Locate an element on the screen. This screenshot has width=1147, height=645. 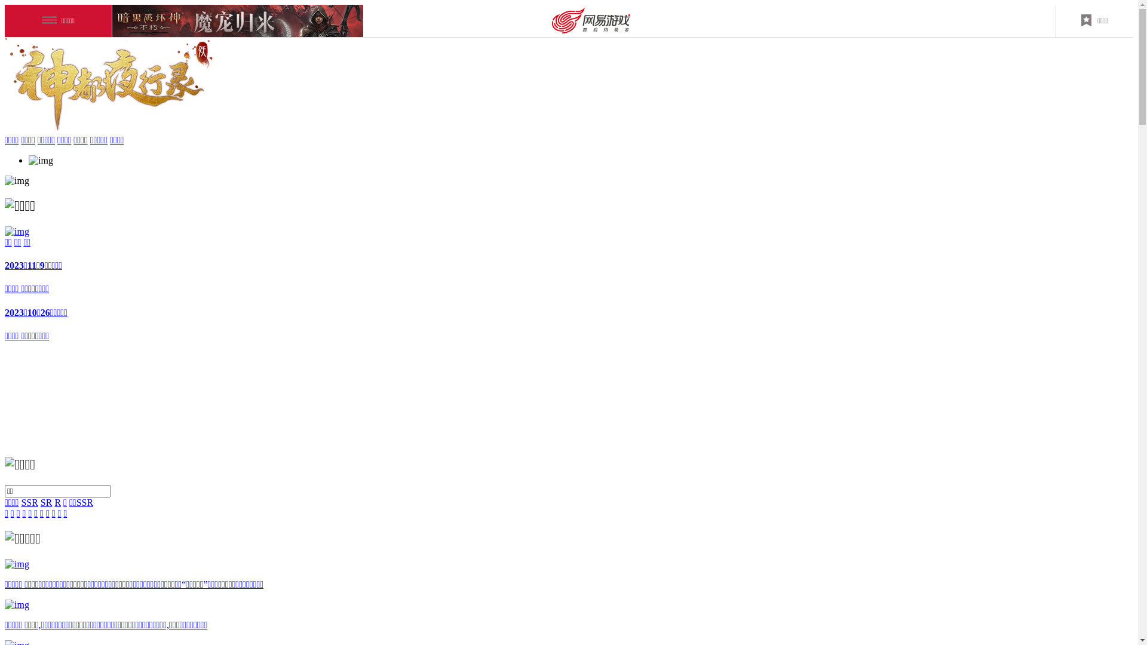
'SR' is located at coordinates (46, 502).